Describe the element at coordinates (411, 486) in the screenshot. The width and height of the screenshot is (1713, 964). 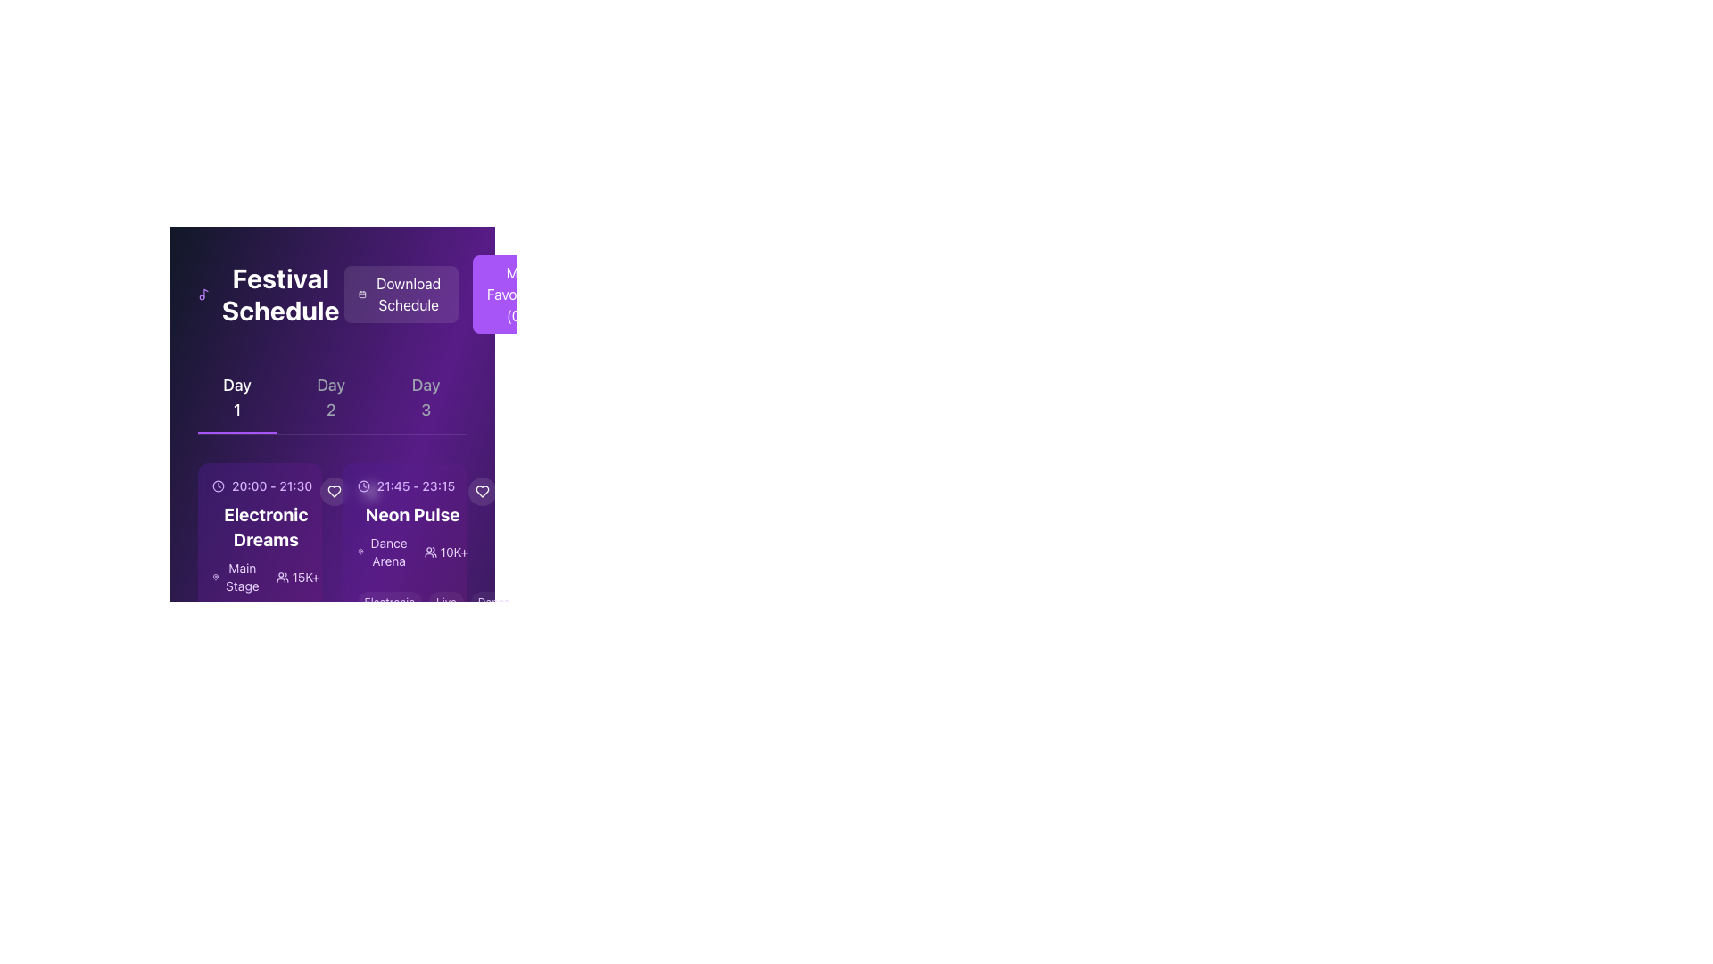
I see `the Text block that informs users about the scheduled time for an event, which is located above the text 'Neon Pulse.'` at that location.